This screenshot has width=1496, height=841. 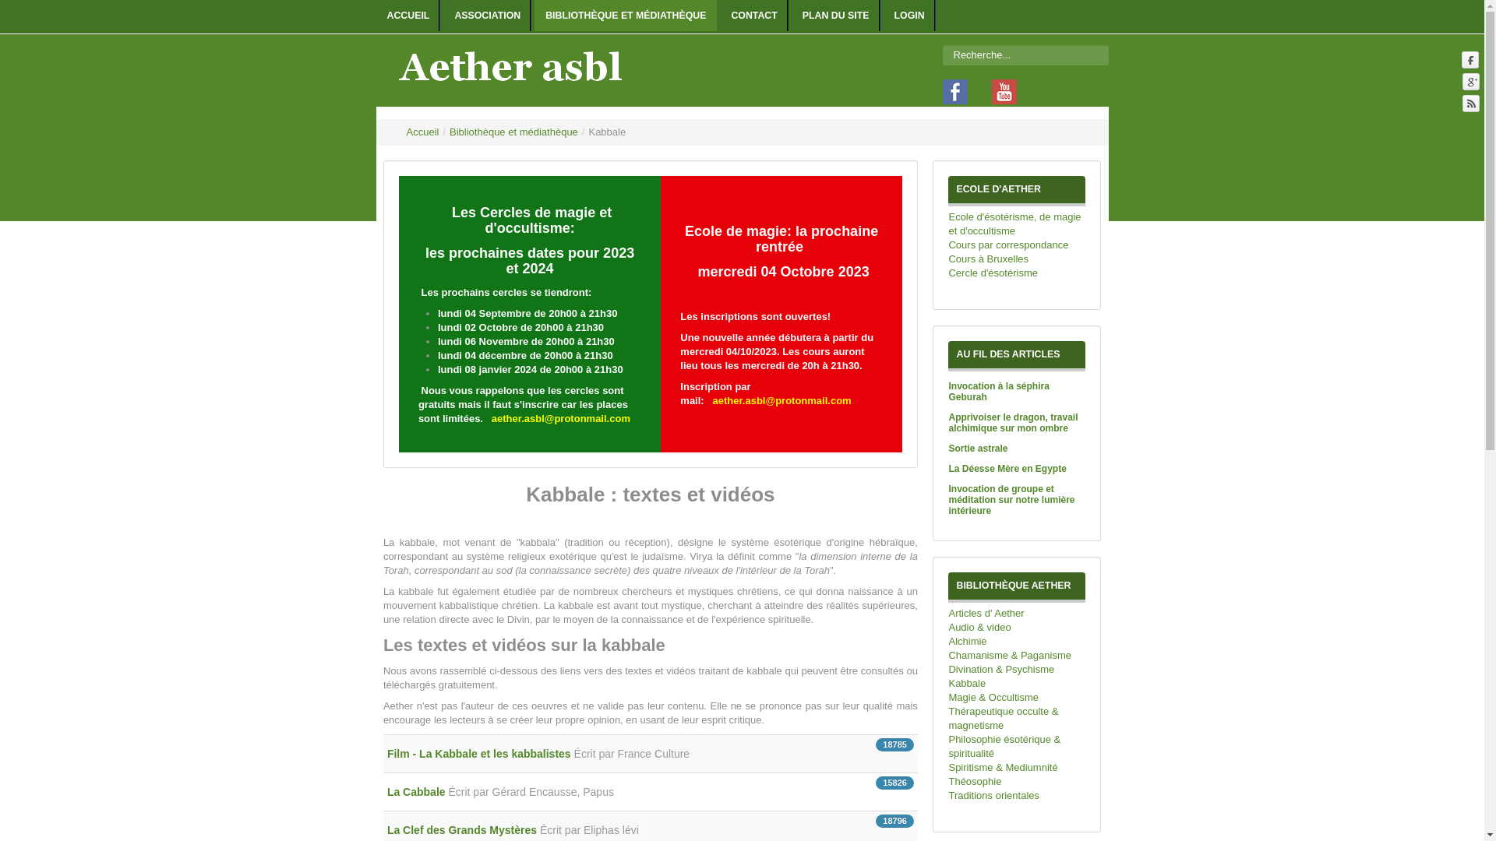 What do you see at coordinates (1017, 245) in the screenshot?
I see `'Cours par correspondance'` at bounding box center [1017, 245].